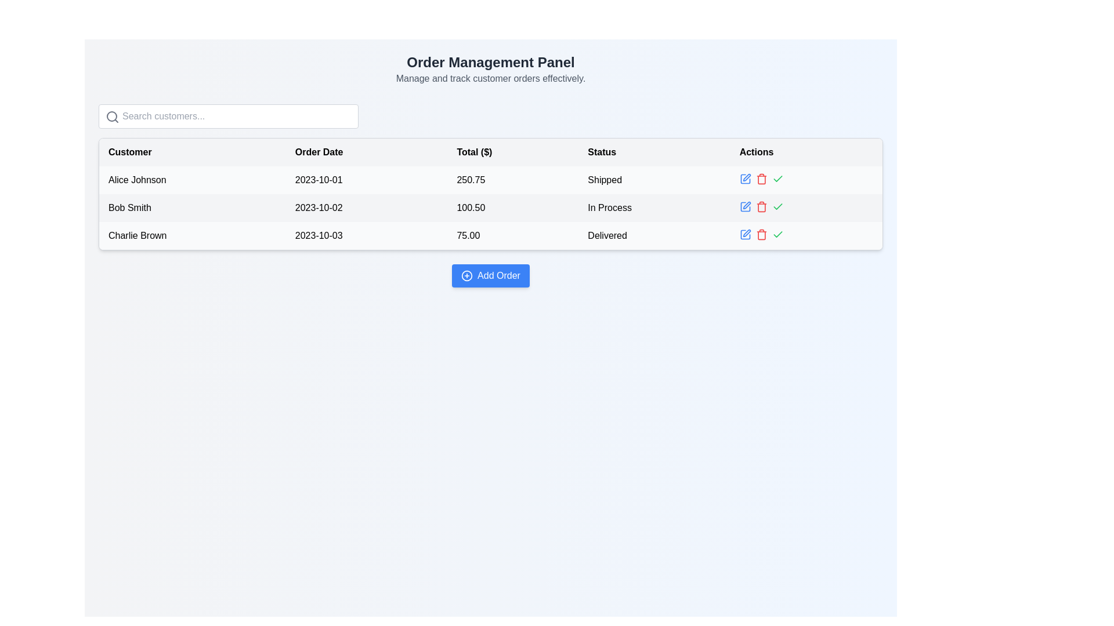 Image resolution: width=1114 pixels, height=626 pixels. What do you see at coordinates (228, 116) in the screenshot?
I see `inside the search input field located beneath the 'Order Management Panel' title to focus on it` at bounding box center [228, 116].